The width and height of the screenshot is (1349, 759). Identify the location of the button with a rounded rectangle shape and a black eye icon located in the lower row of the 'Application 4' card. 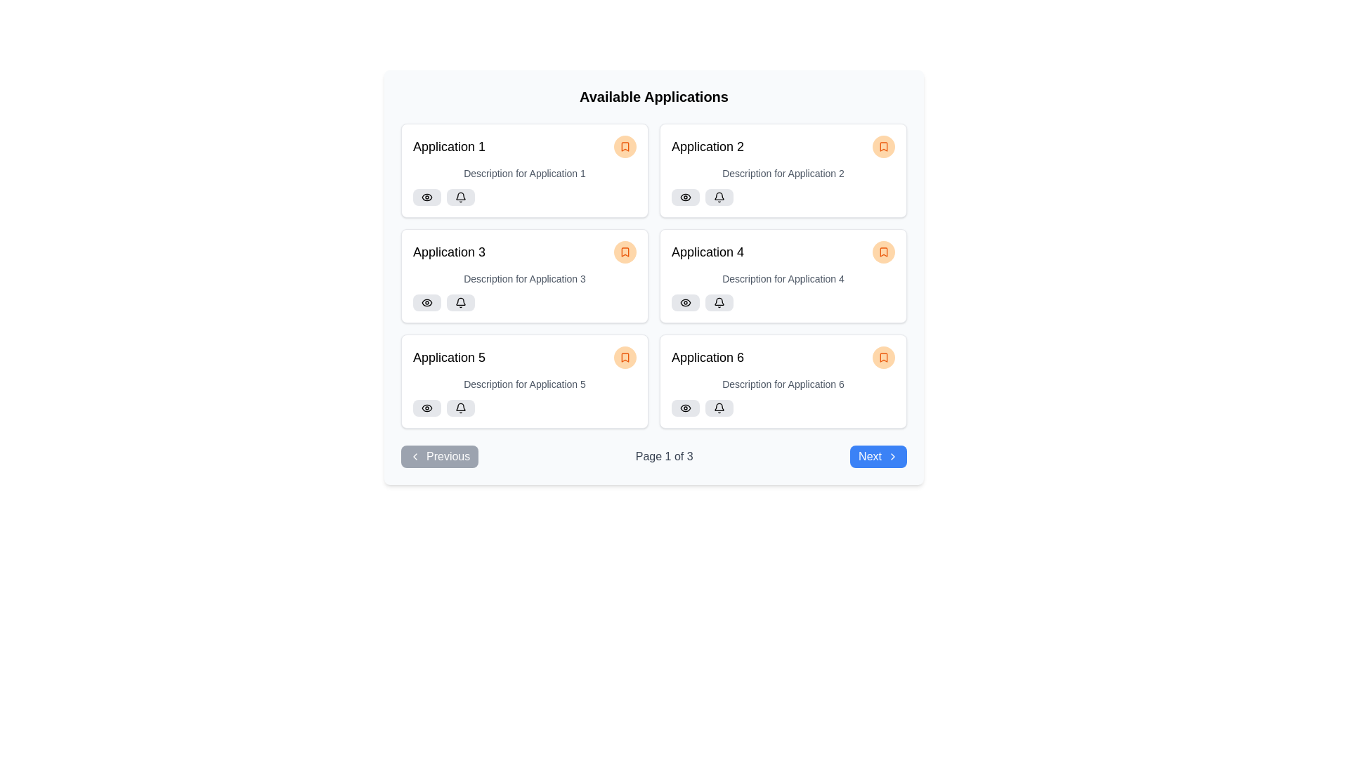
(685, 302).